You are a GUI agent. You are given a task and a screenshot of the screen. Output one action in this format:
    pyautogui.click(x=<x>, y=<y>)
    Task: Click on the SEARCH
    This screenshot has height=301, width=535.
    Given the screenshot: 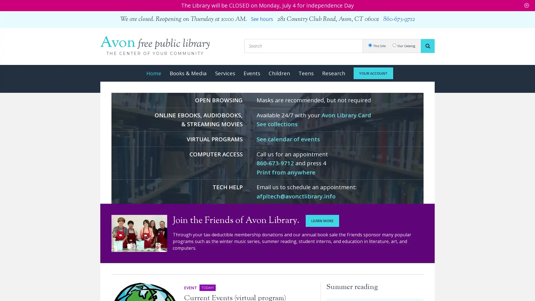 What is the action you would take?
    pyautogui.click(x=427, y=46)
    